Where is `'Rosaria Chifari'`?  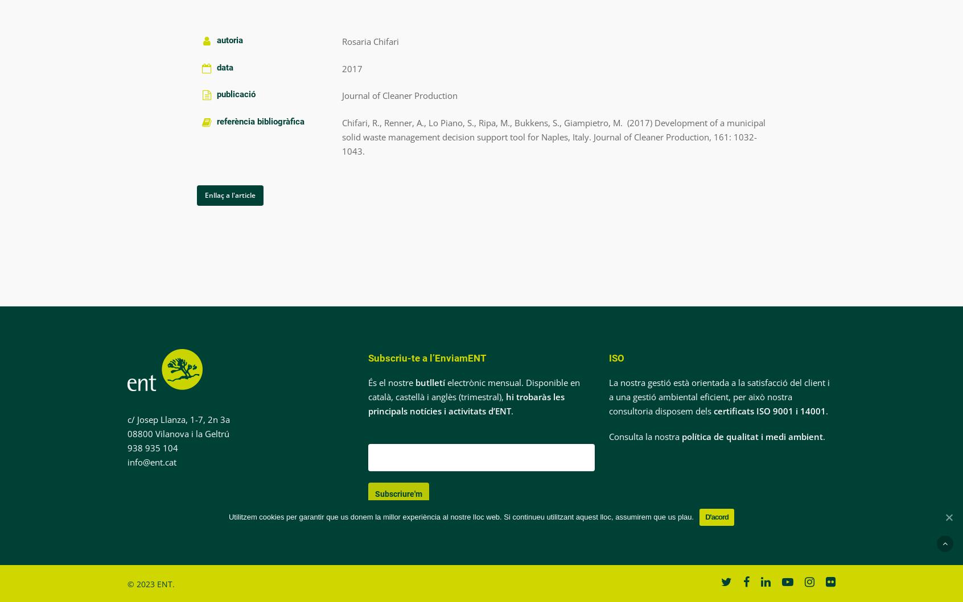 'Rosaria Chifari' is located at coordinates (371, 41).